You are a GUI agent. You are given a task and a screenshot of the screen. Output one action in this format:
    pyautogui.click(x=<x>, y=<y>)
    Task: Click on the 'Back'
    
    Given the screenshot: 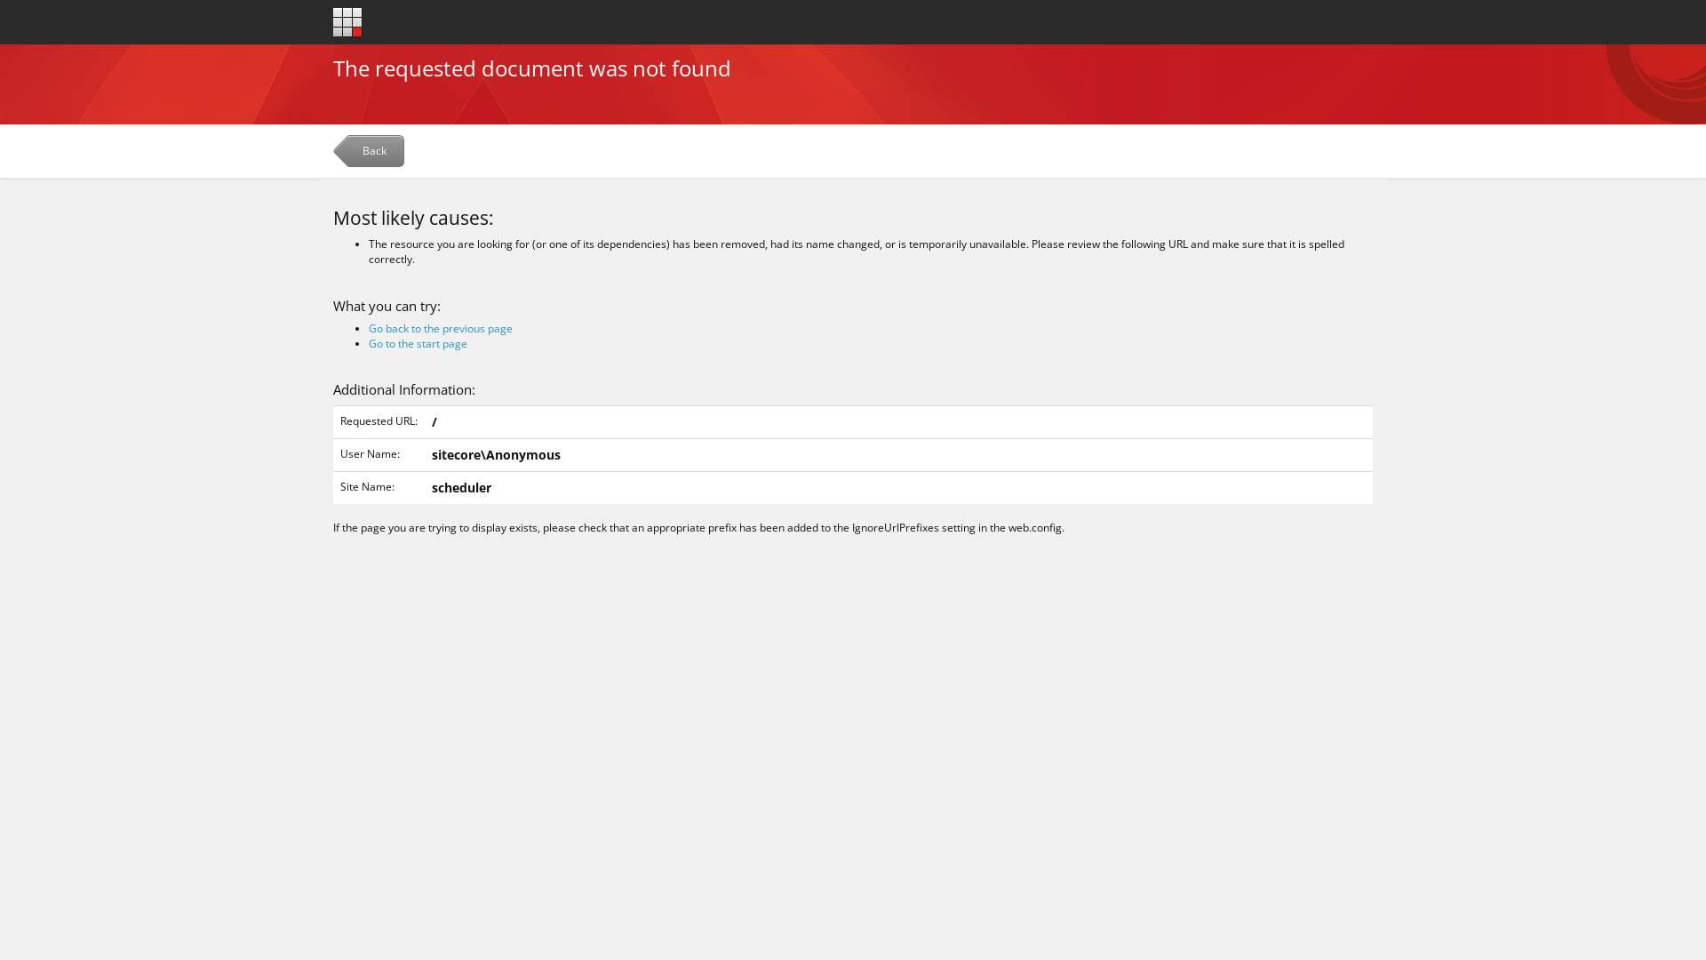 What is the action you would take?
    pyautogui.click(x=370, y=153)
    